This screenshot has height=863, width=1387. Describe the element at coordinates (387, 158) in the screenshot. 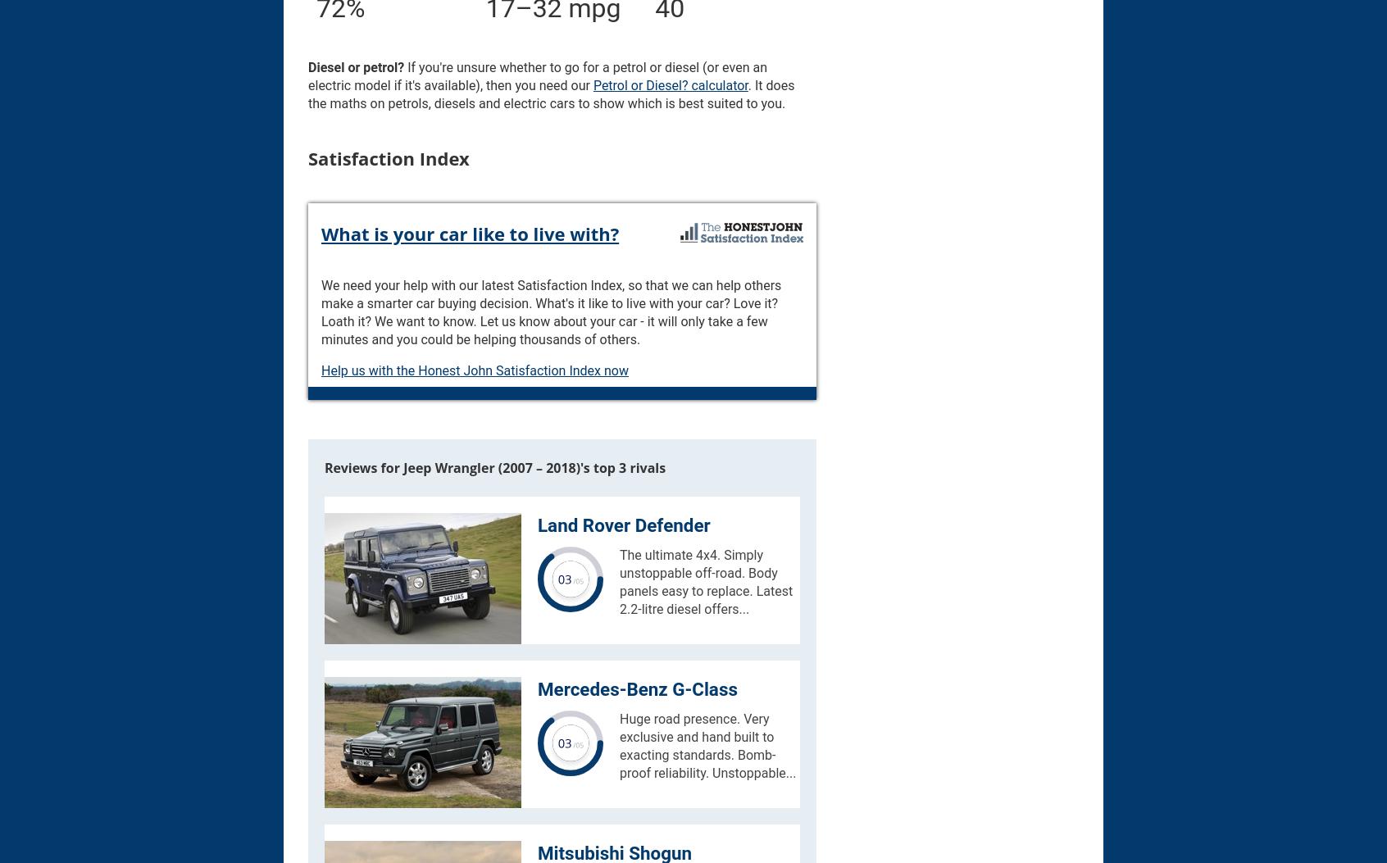

I see `'Satisfaction Index'` at that location.